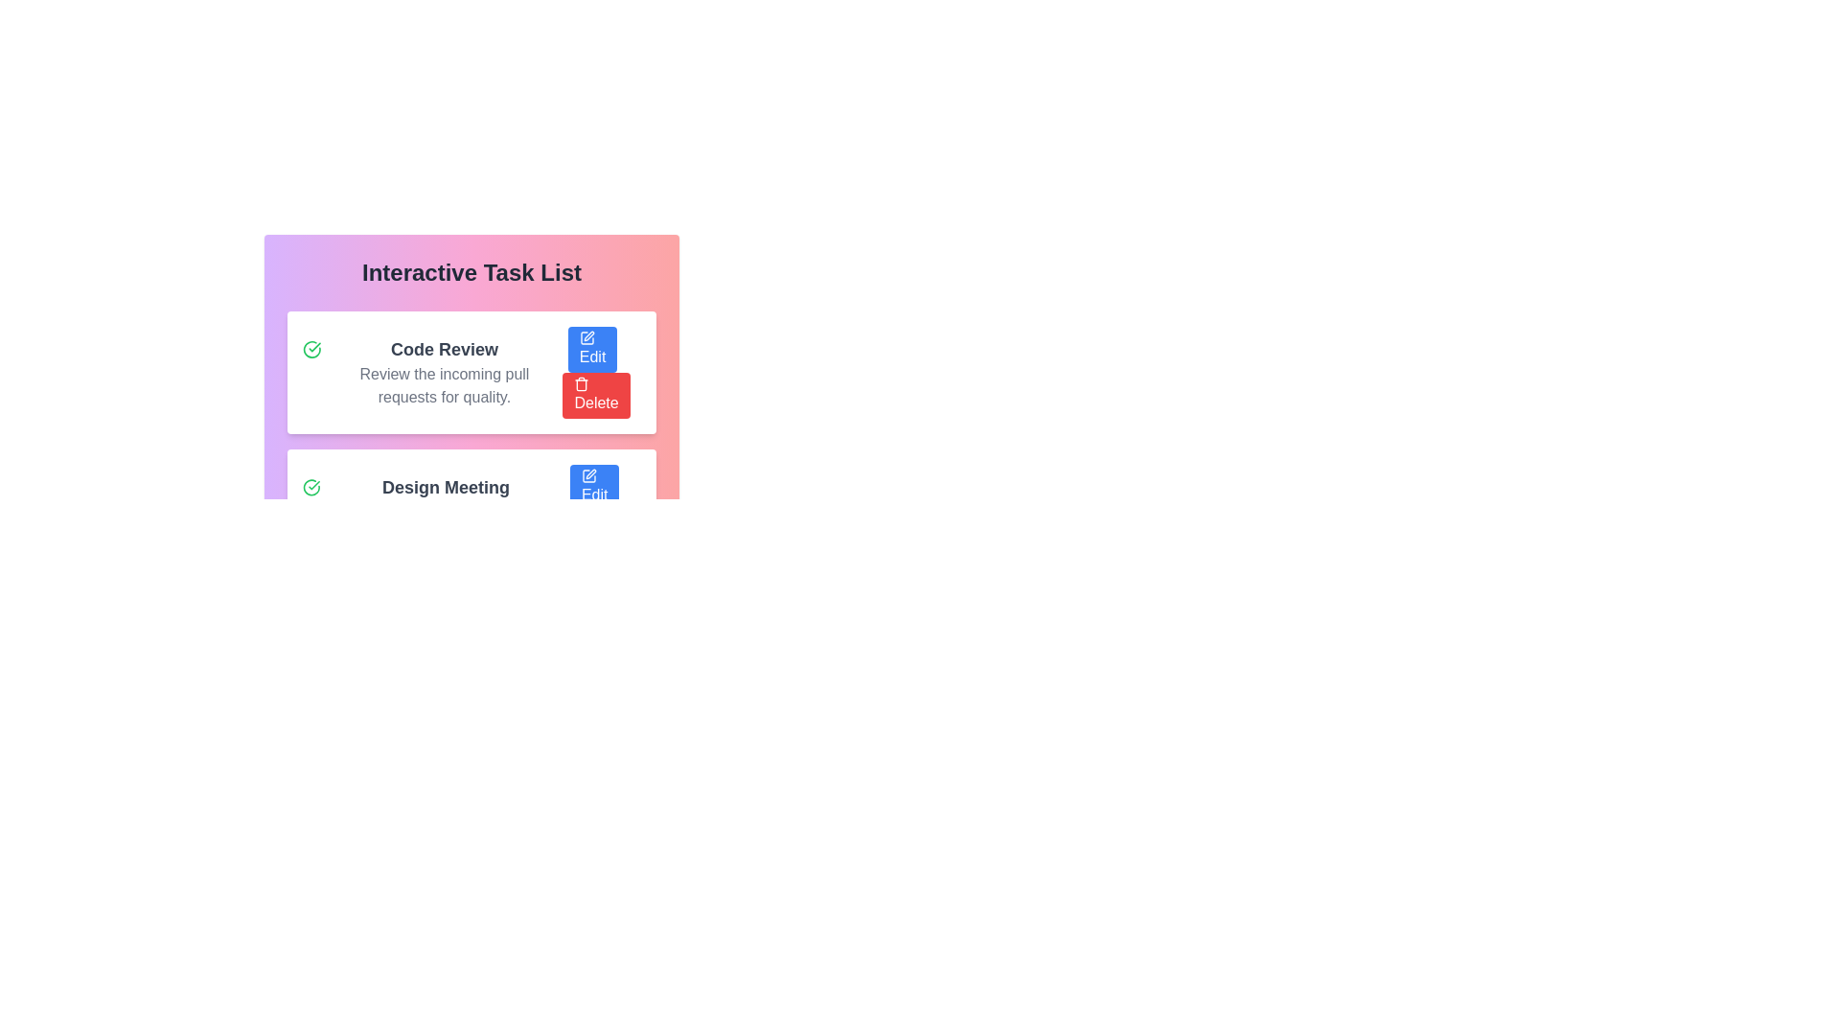  Describe the element at coordinates (595, 394) in the screenshot. I see `delete button for the task with the title Code Review` at that location.